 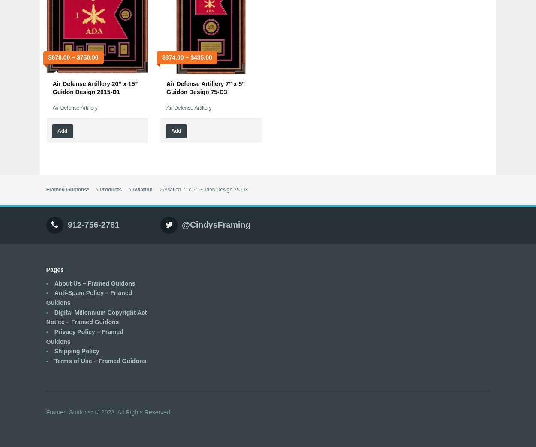 I want to click on 'Framed Guidons*', so click(x=67, y=189).